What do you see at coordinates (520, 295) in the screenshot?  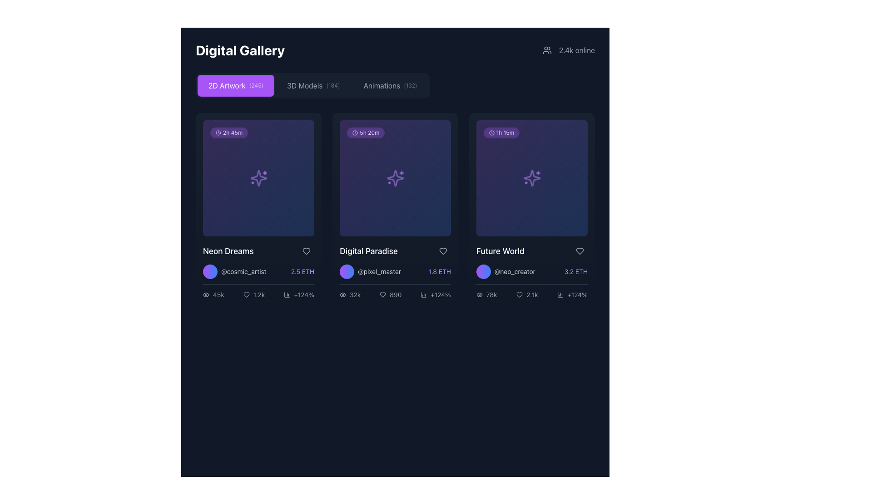 I see `the heart-shaped icon within the card labeled 'Future World'` at bounding box center [520, 295].